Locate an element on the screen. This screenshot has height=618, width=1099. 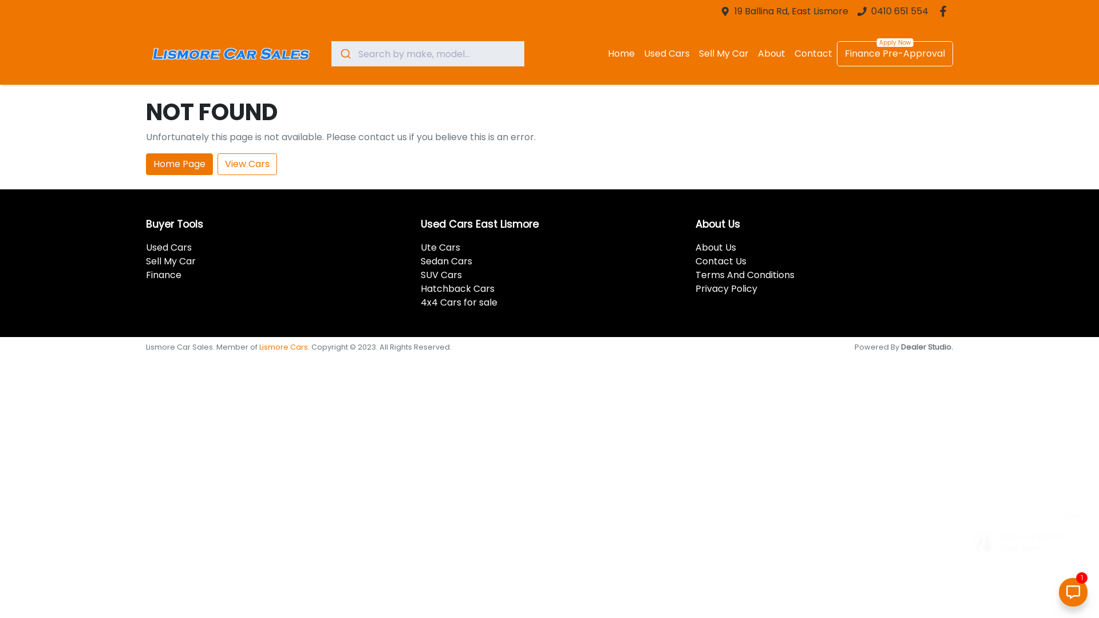
'19 Ballina Rd, East Lismore' is located at coordinates (790, 11).